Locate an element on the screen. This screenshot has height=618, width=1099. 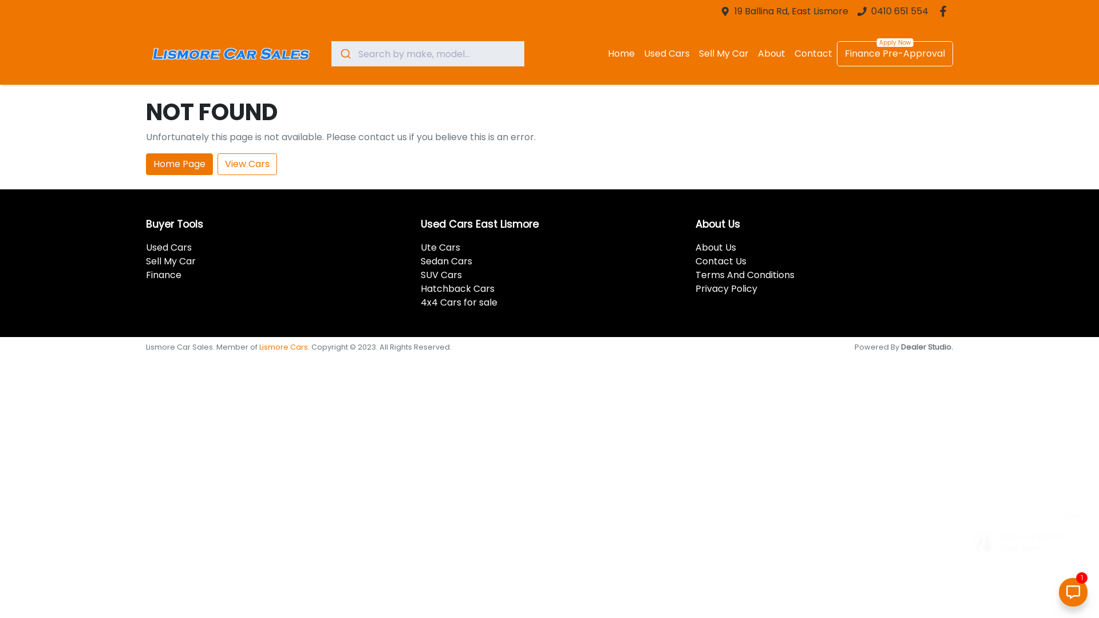
'19 Ballina Rd, East Lismore' is located at coordinates (790, 11).